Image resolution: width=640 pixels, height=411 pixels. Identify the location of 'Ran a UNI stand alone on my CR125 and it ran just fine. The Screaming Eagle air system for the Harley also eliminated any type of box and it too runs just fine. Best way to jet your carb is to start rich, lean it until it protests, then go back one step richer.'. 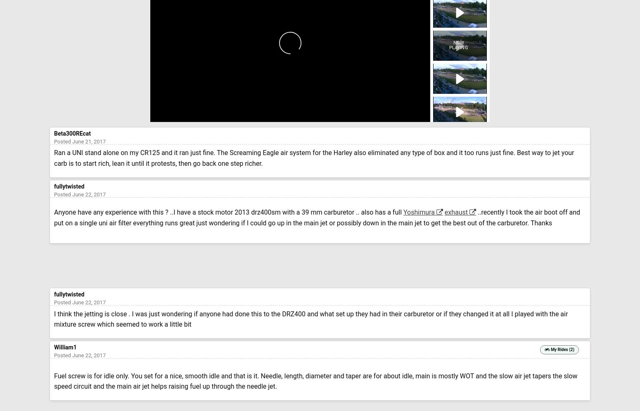
(54, 158).